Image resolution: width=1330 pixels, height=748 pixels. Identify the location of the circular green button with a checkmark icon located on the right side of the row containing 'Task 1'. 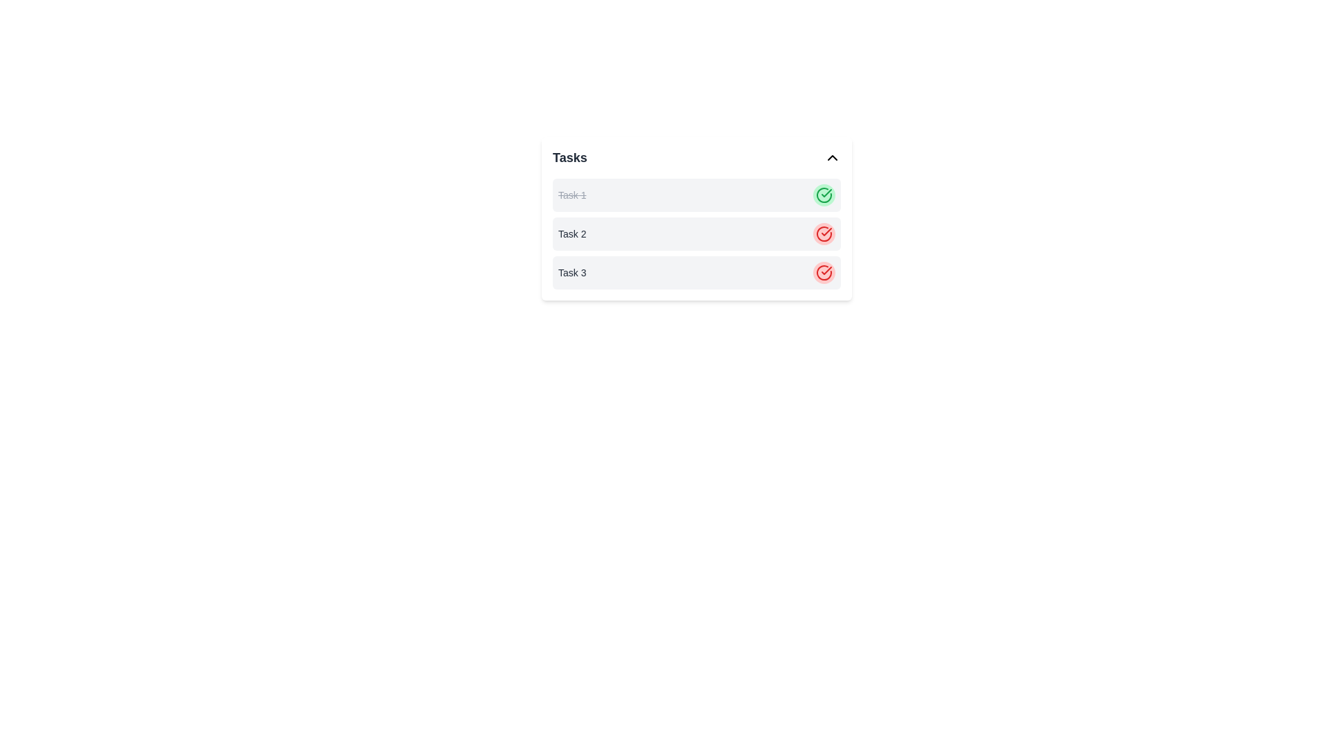
(824, 195).